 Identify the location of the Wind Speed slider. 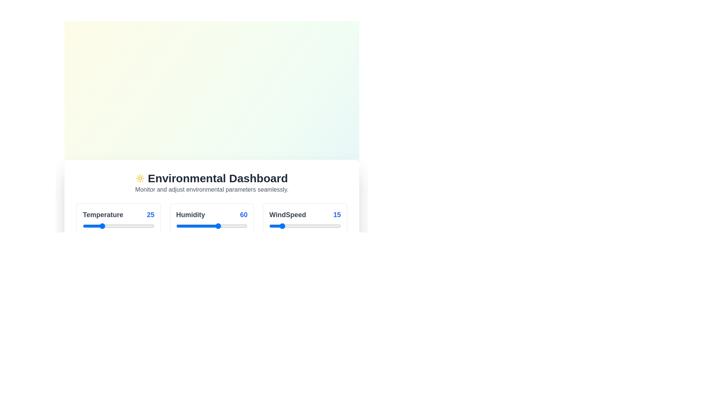
(334, 225).